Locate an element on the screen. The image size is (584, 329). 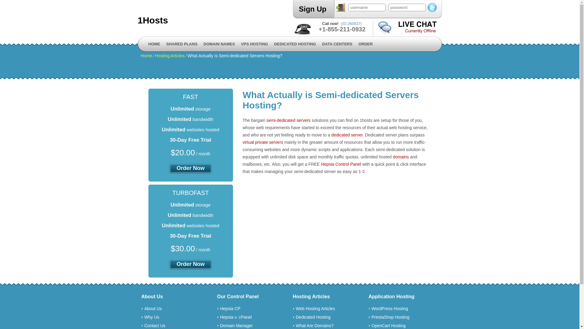
'WordPress Hosting' is located at coordinates (390, 309).